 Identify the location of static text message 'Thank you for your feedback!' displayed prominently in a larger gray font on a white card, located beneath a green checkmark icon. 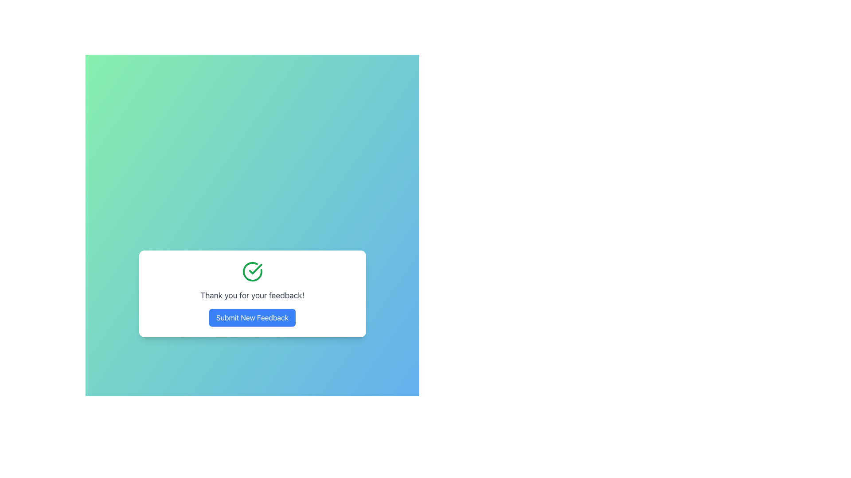
(252, 295).